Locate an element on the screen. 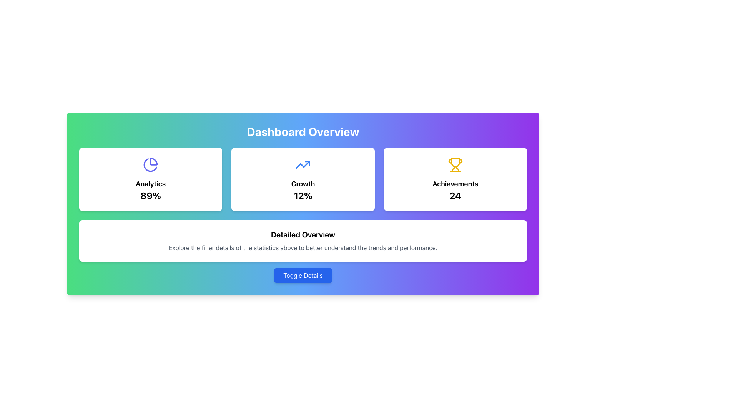 This screenshot has height=415, width=738. the growth icon located in the second card of a horizontal row, which displays 'Growth' and '12%' below it is located at coordinates (303, 164).